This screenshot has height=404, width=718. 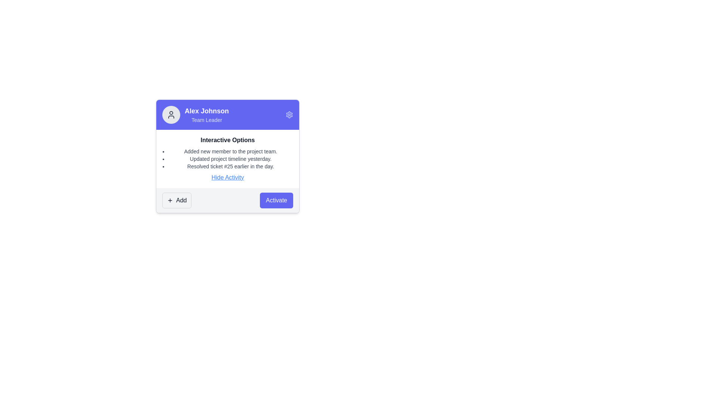 I want to click on the 'Hide Activity' link element, so click(x=227, y=177).